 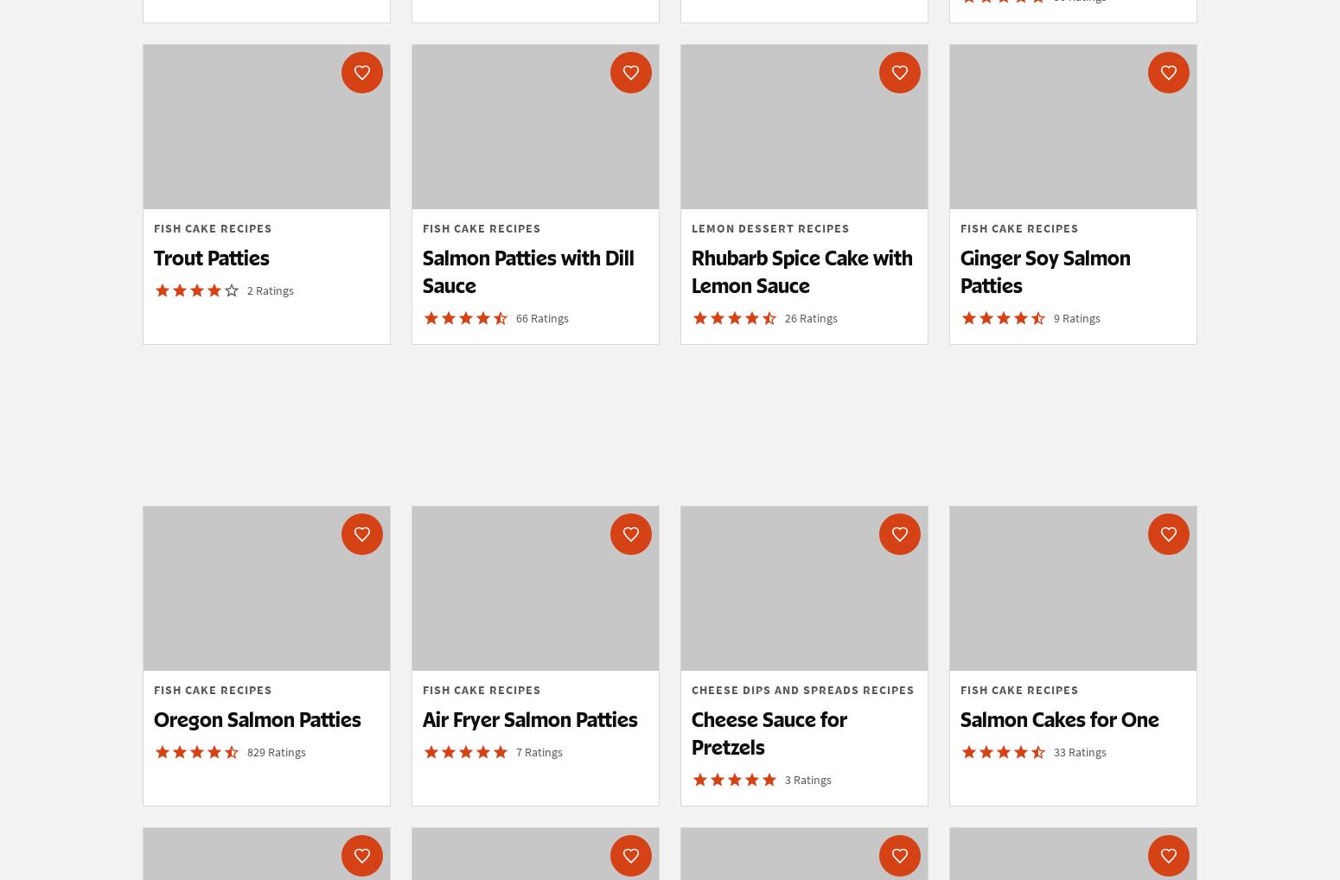 I want to click on 'Salmon Patties with Dill Sauce', so click(x=528, y=270).